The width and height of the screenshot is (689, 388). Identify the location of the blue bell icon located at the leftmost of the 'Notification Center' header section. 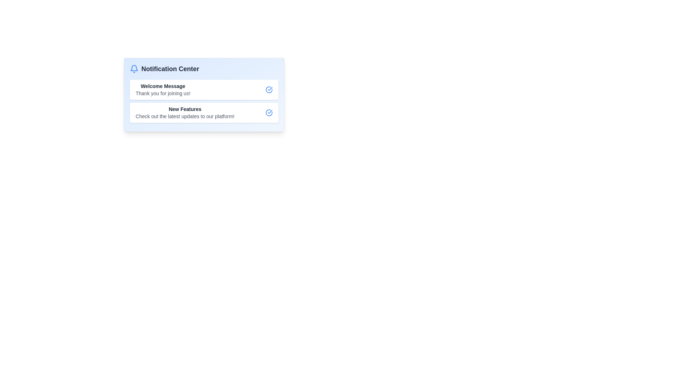
(134, 69).